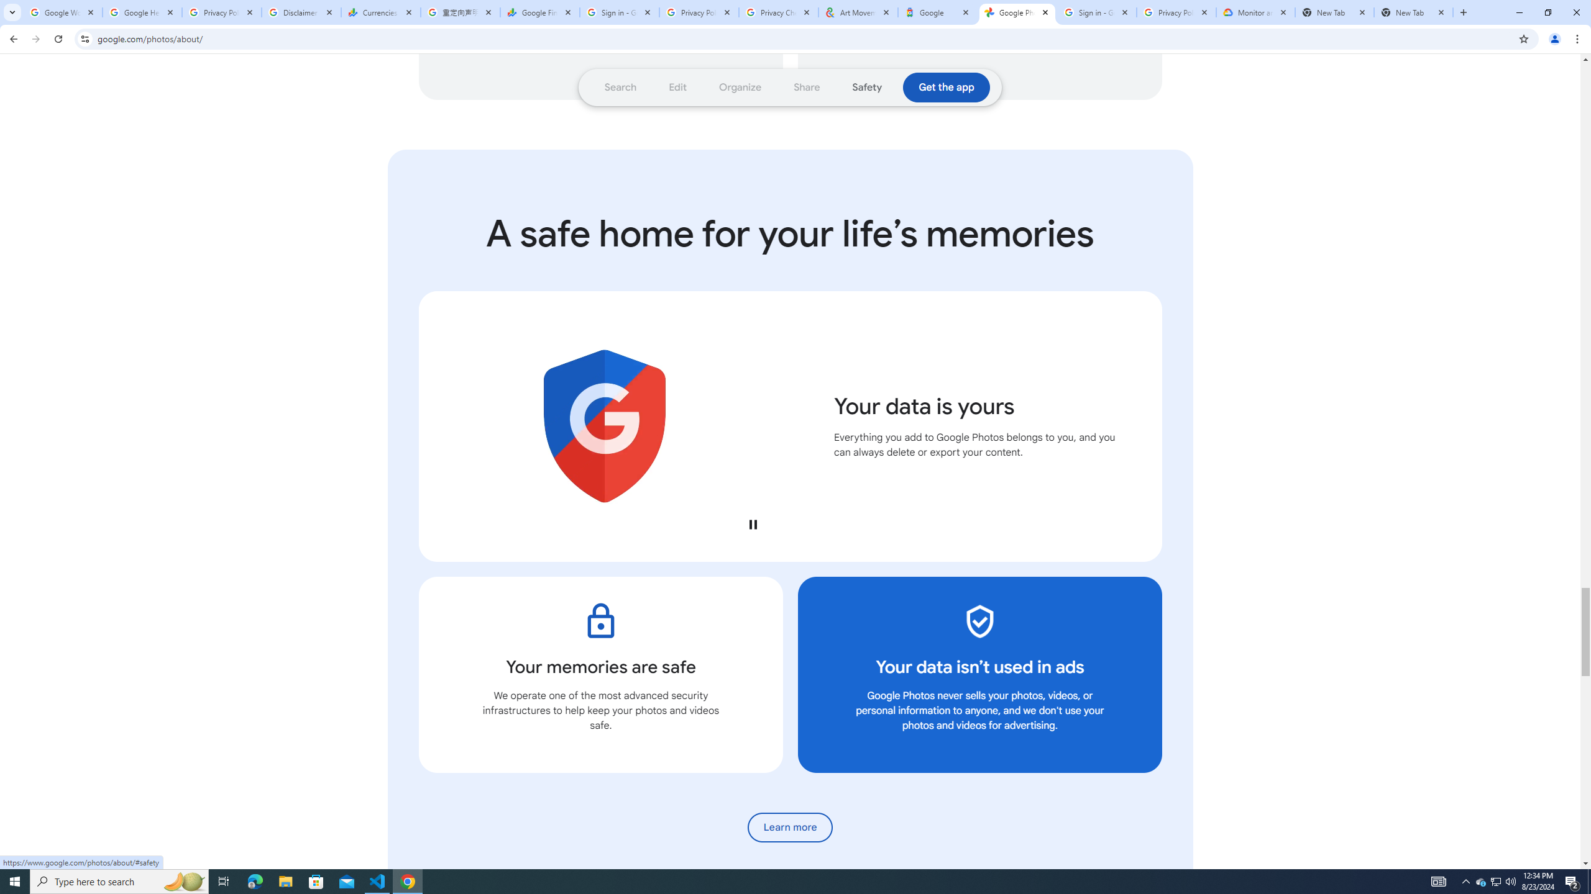 This screenshot has width=1591, height=894. I want to click on 'Learn more about Google Photos security ', so click(790, 827).